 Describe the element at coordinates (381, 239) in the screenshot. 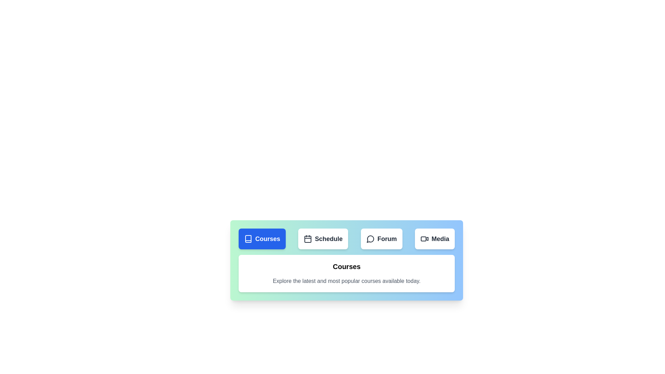

I see `the tab button corresponding to the Forum tab` at that location.